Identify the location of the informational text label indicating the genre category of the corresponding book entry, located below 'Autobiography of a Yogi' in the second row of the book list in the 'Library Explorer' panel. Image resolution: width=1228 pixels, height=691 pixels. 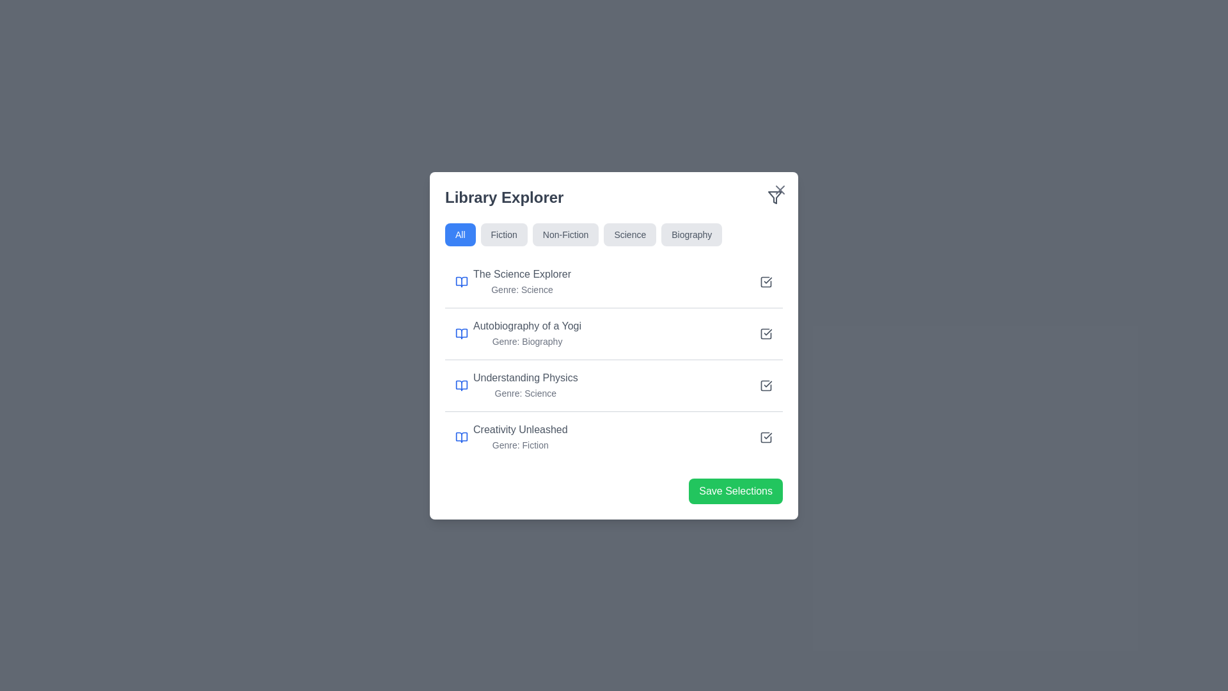
(527, 340).